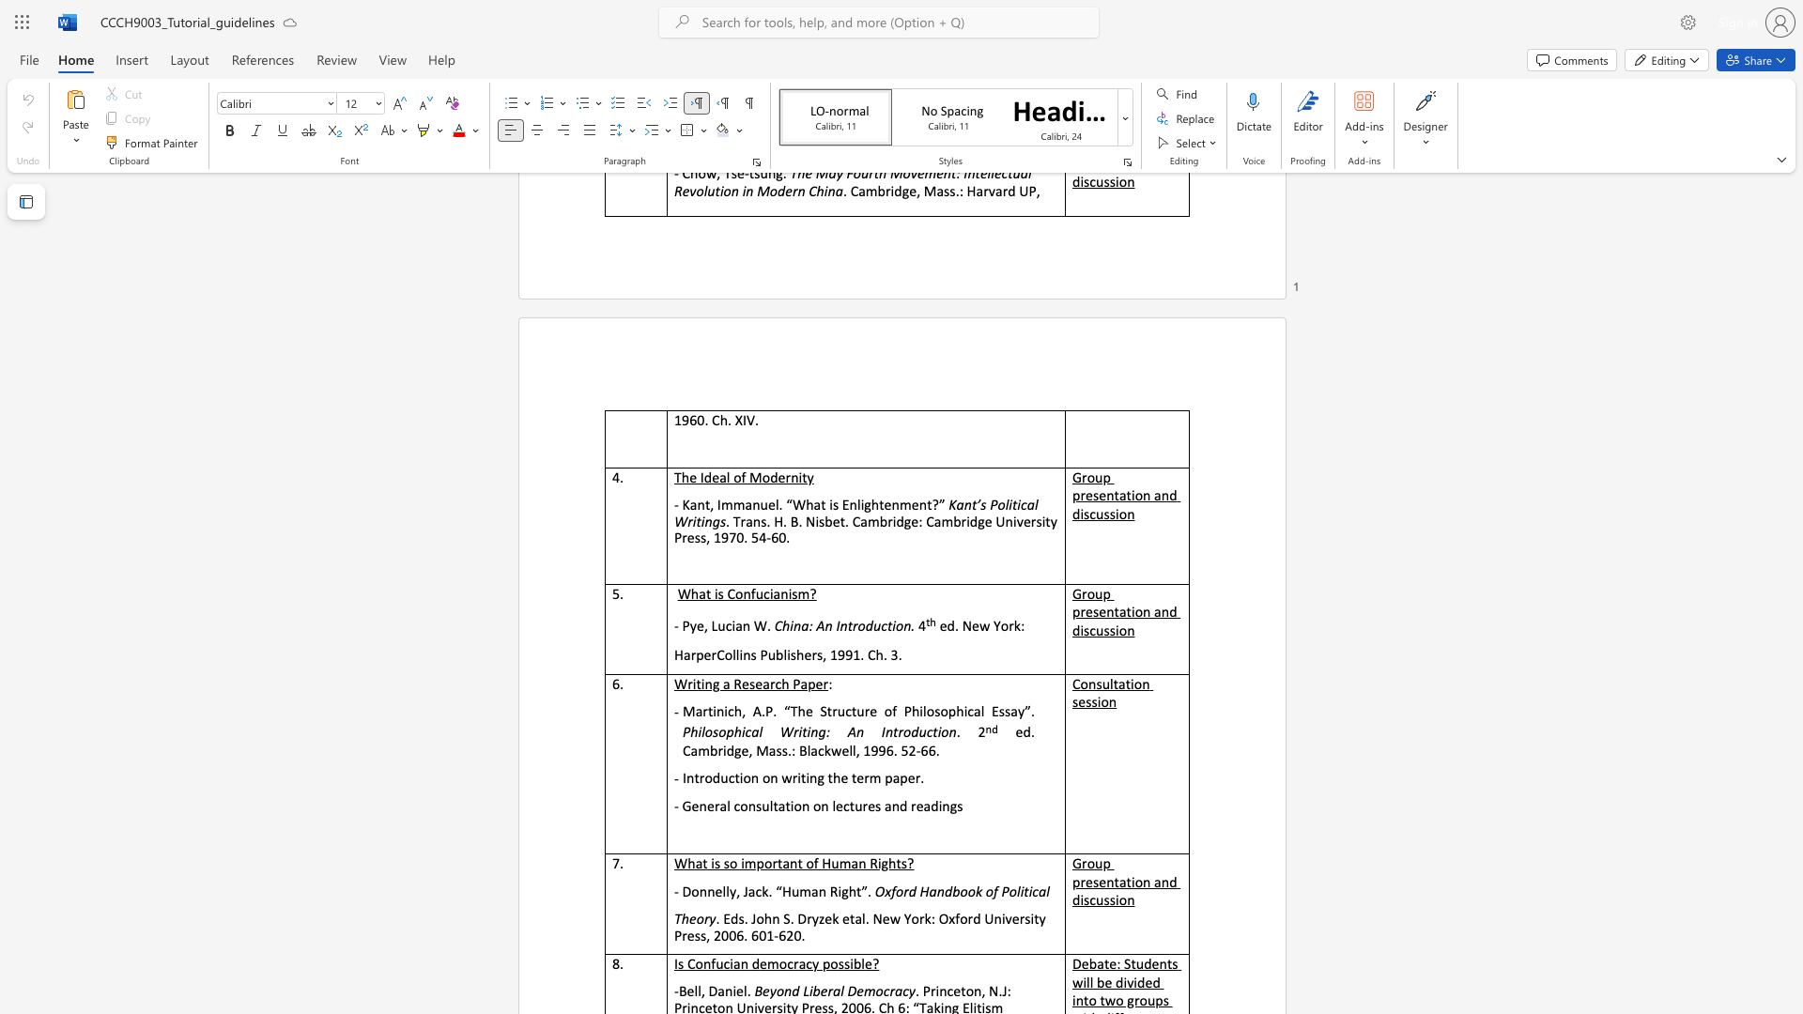  I want to click on the subset text "cal Writ" within the text "Philosophical Writing: An Introduction", so click(744, 731).